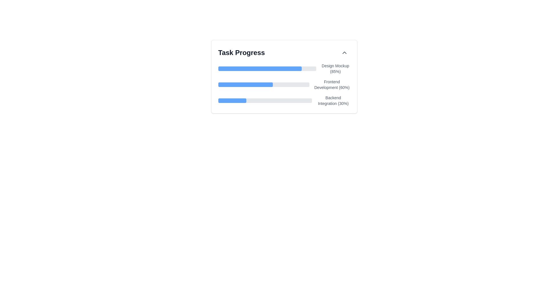 Image resolution: width=548 pixels, height=308 pixels. What do you see at coordinates (284, 53) in the screenshot?
I see `the 'Task Progress' header element for keyboard navigation` at bounding box center [284, 53].